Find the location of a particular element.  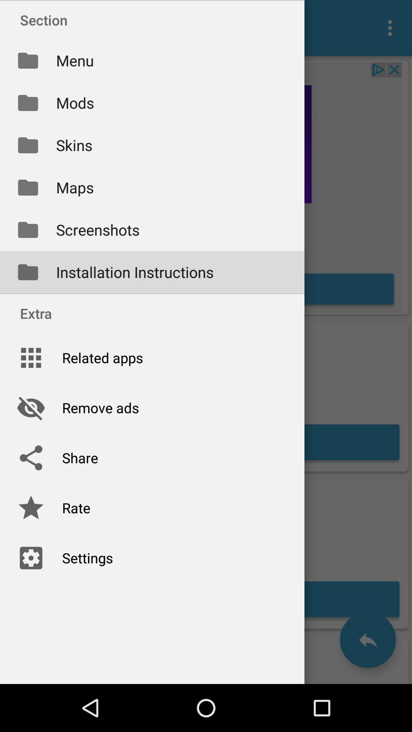

the reply icon is located at coordinates (367, 640).